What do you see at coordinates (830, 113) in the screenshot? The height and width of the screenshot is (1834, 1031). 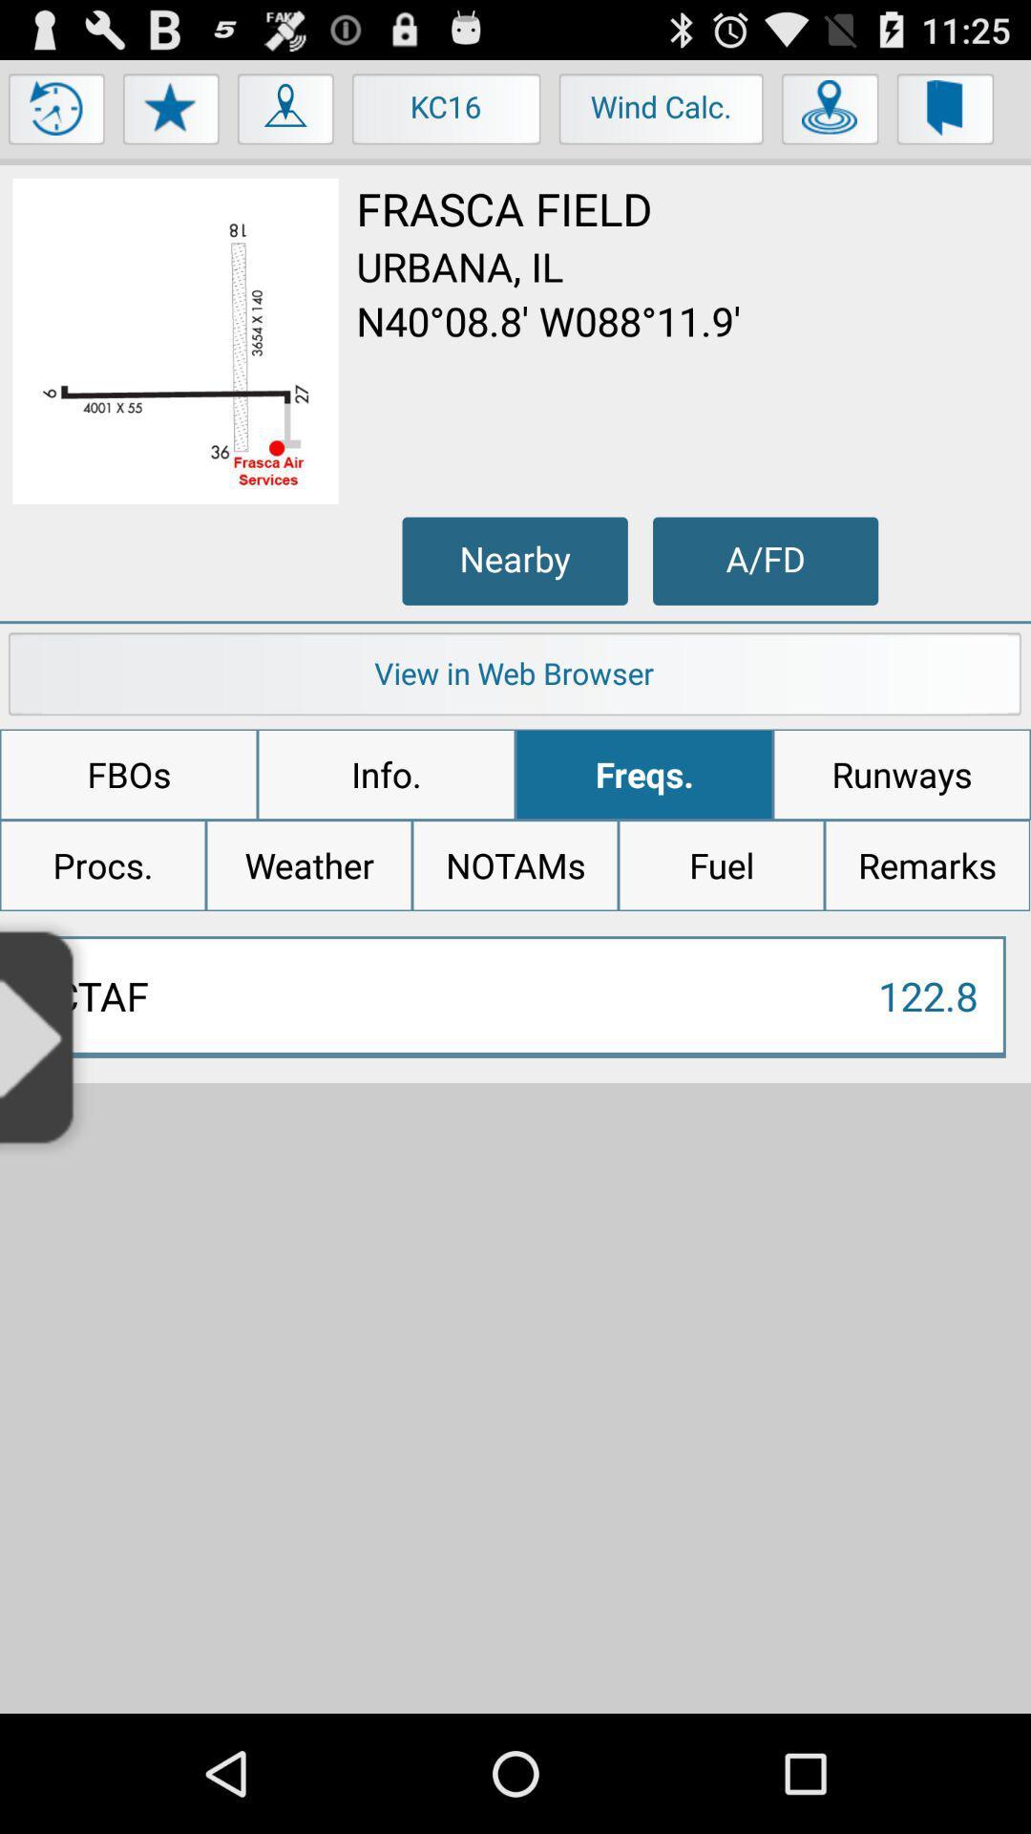 I see `icon above the frasca field icon` at bounding box center [830, 113].